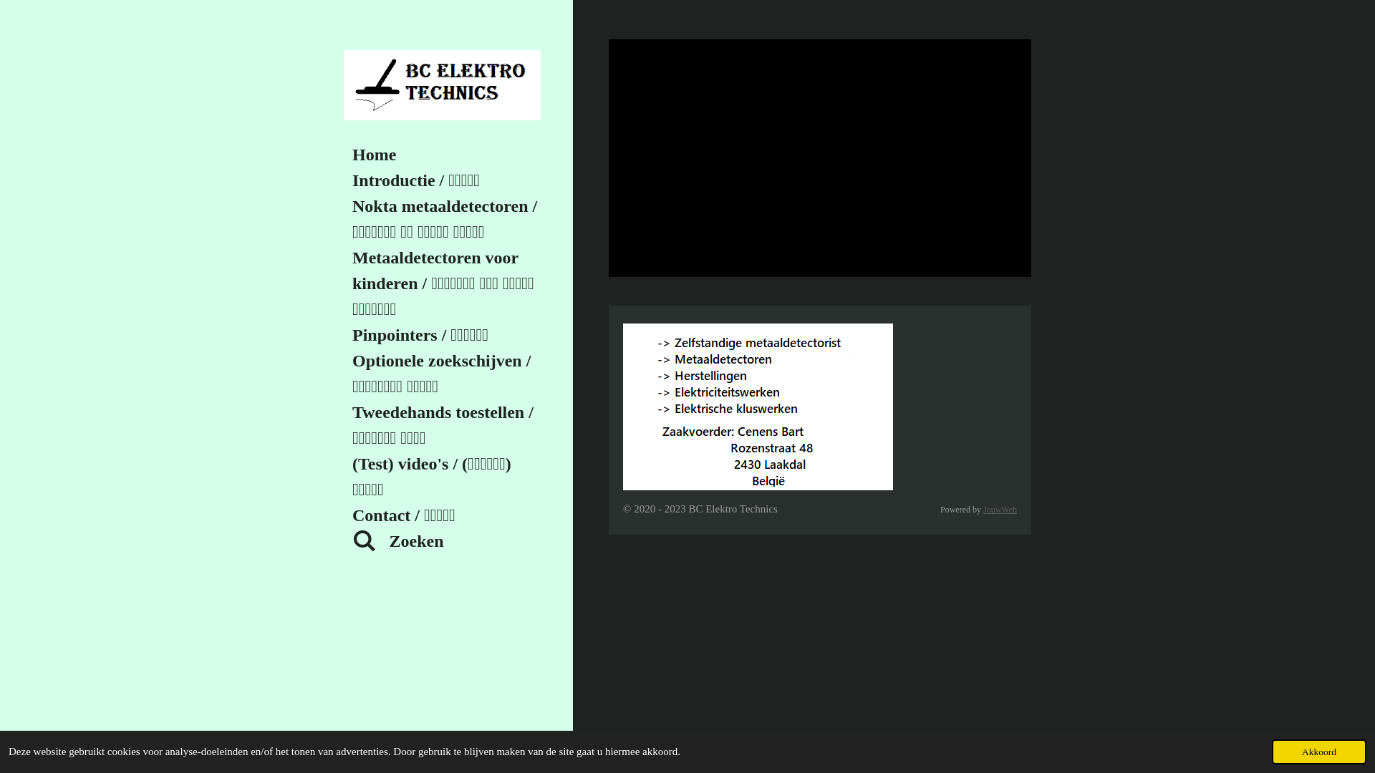  What do you see at coordinates (446, 541) in the screenshot?
I see `'Zoeken'` at bounding box center [446, 541].